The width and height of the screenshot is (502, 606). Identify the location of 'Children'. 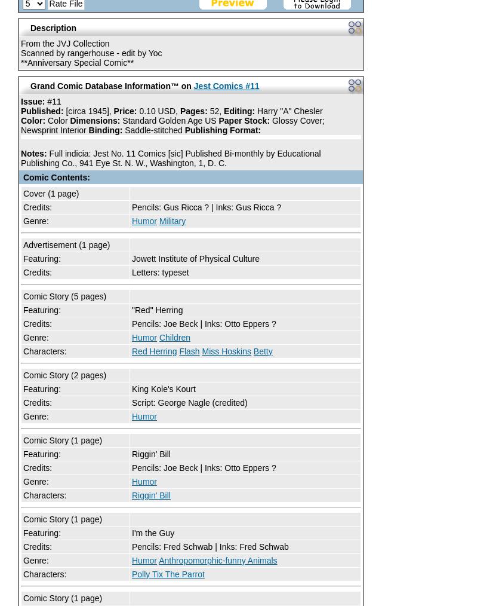
(174, 337).